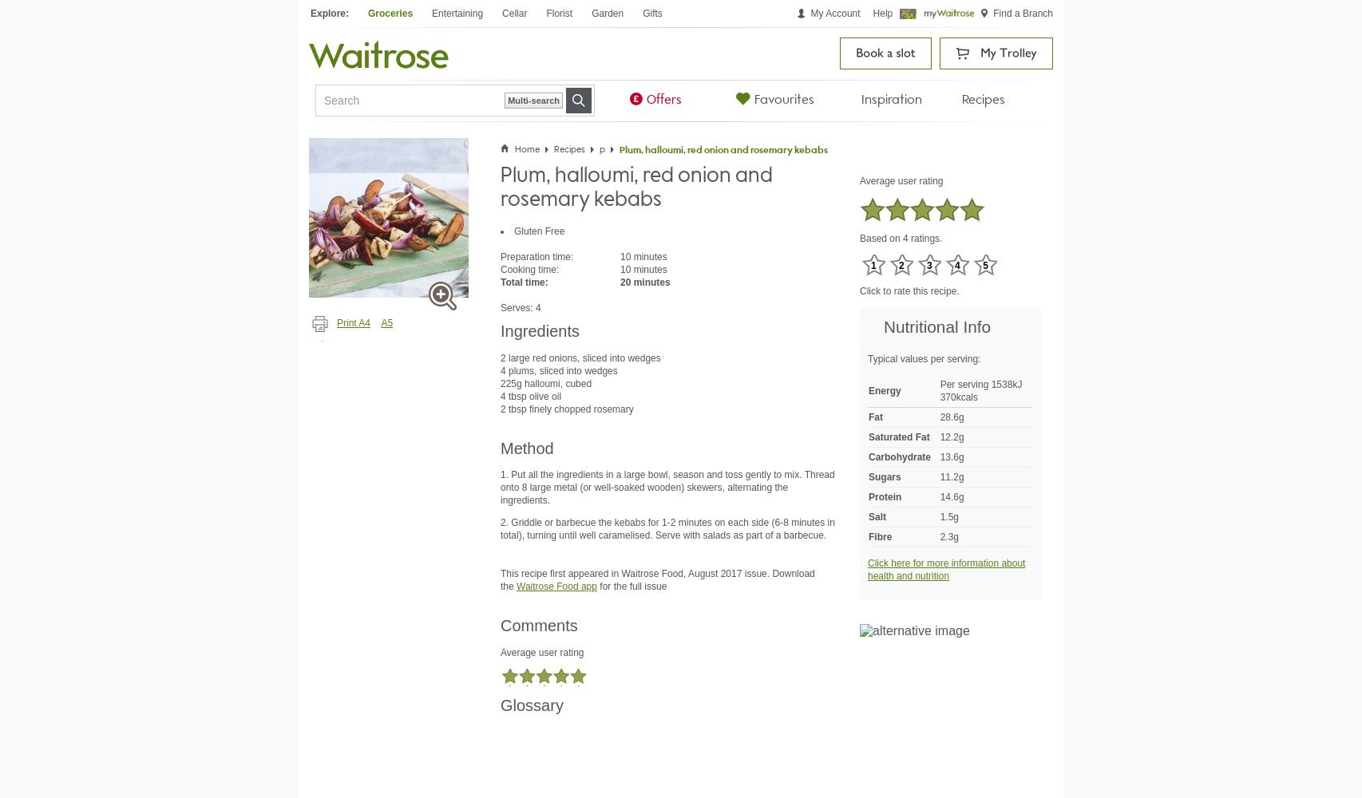 The width and height of the screenshot is (1362, 798). Describe the element at coordinates (579, 357) in the screenshot. I see `'2 large red onions, sliced into wedges'` at that location.